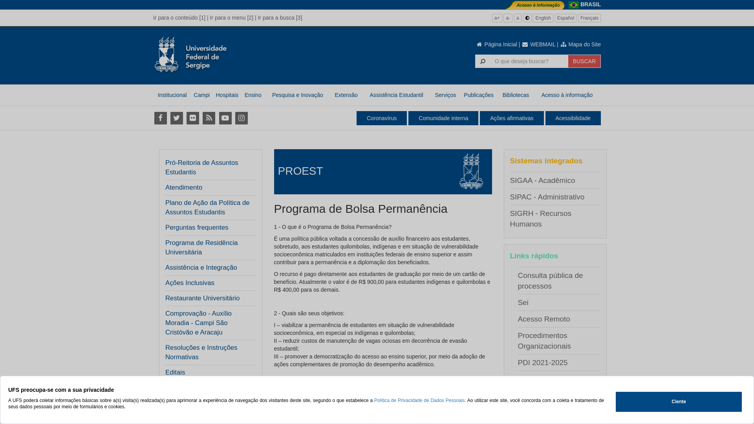  What do you see at coordinates (508, 18) in the screenshot?
I see `'a-'` at bounding box center [508, 18].